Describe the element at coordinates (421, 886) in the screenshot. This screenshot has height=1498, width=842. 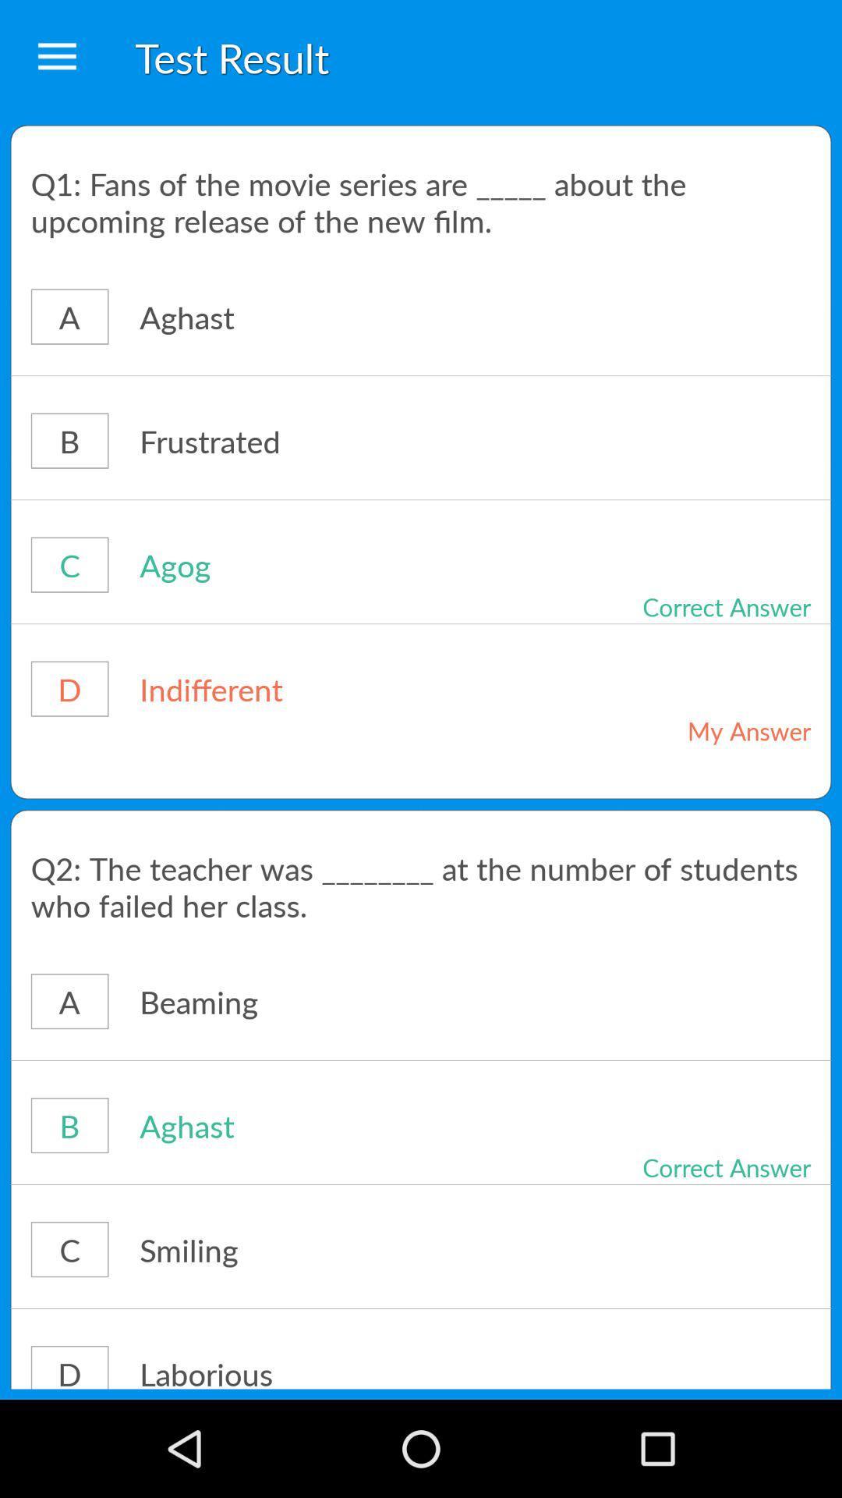
I see `the item above a item` at that location.